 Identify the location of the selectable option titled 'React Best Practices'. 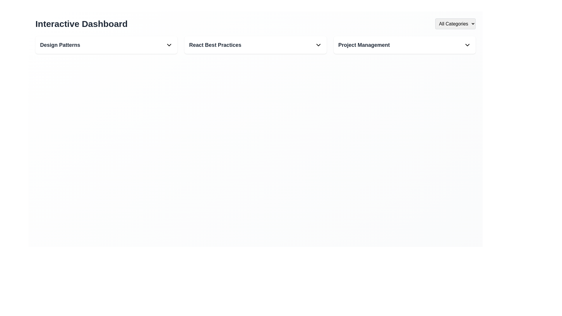
(256, 45).